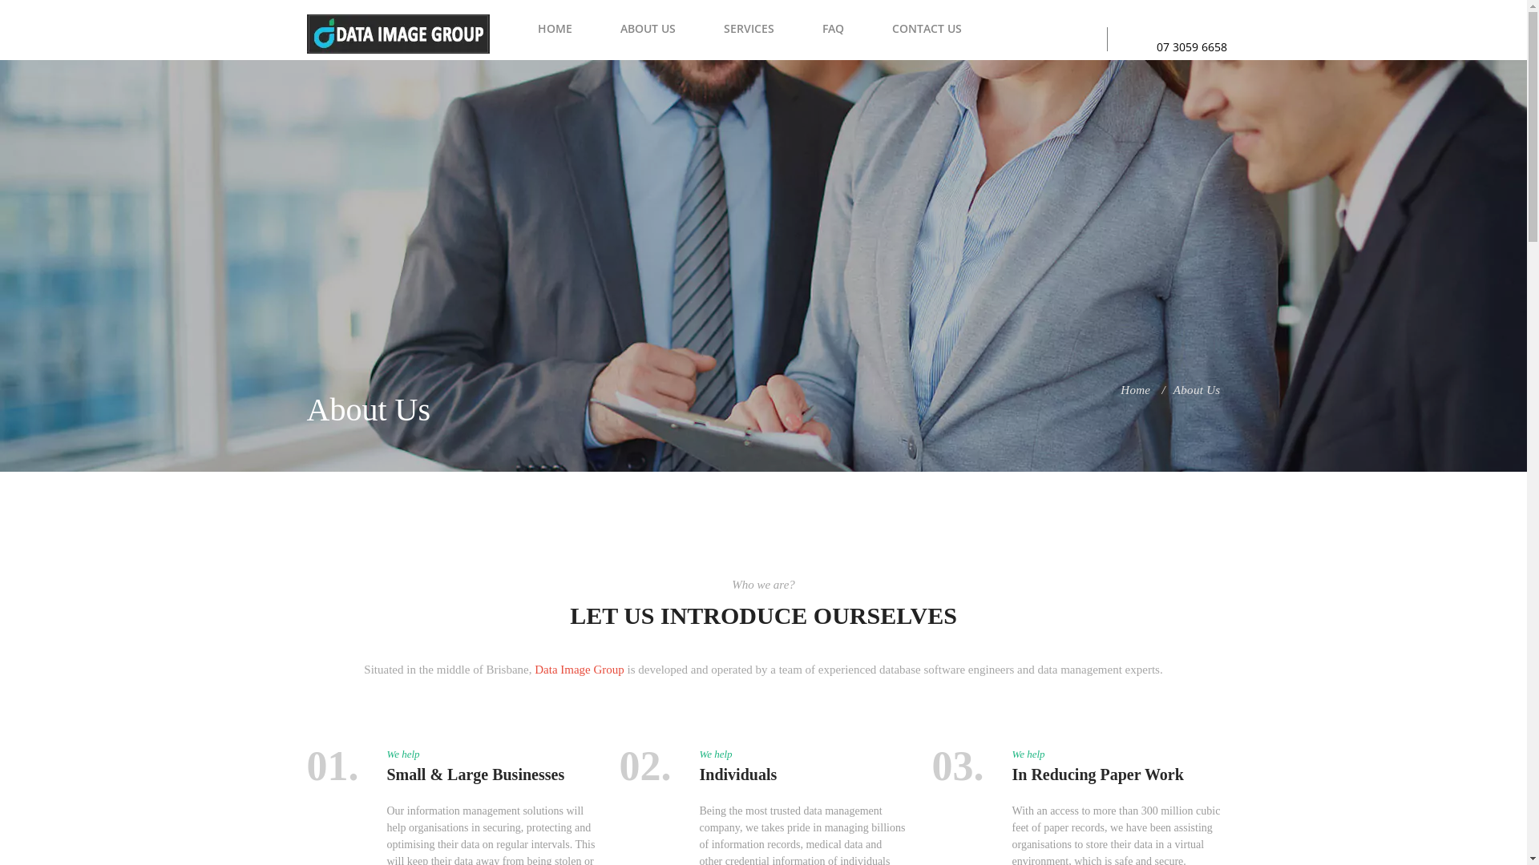 The height and width of the screenshot is (865, 1539). Describe the element at coordinates (1134, 389) in the screenshot. I see `'Home'` at that location.